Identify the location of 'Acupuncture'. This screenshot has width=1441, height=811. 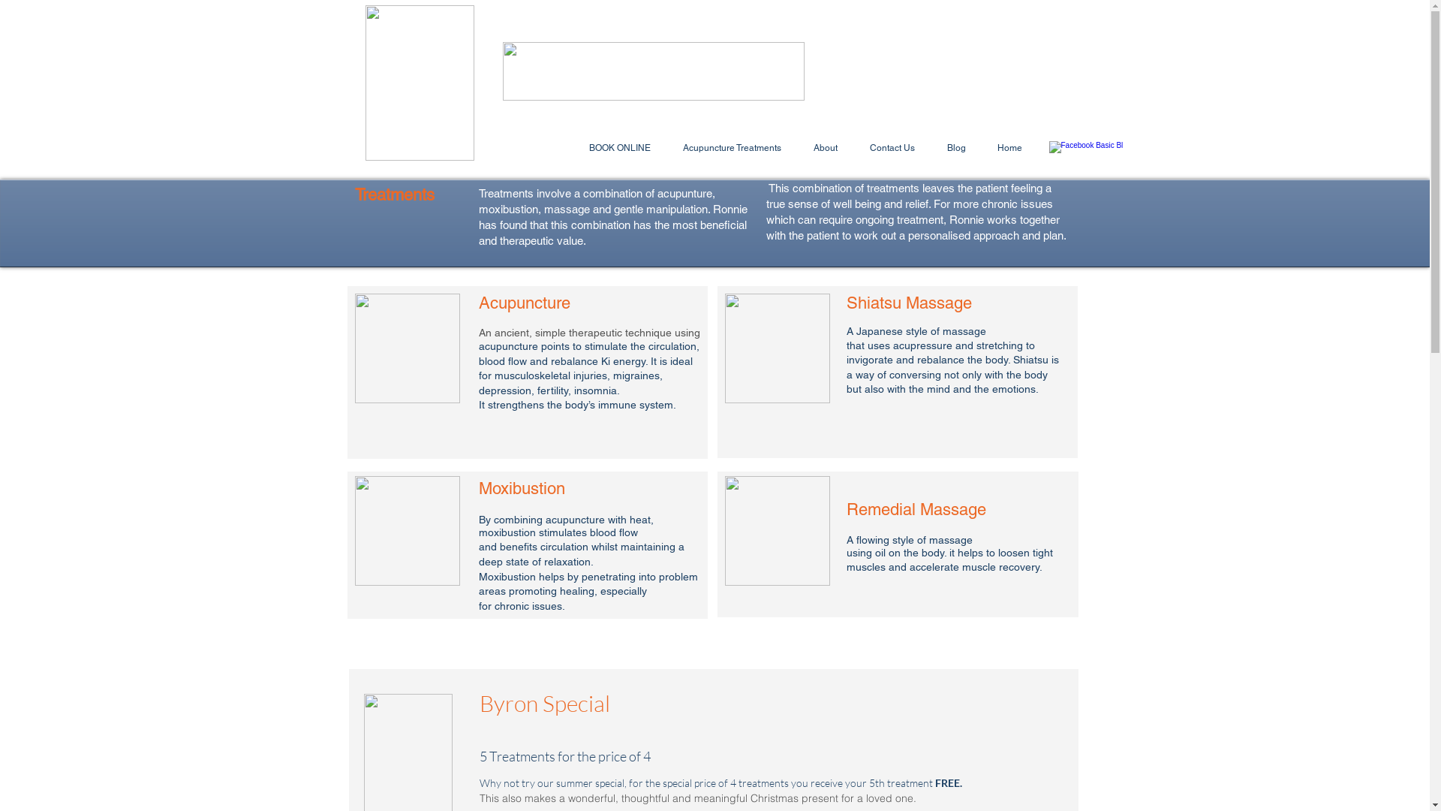
(407, 348).